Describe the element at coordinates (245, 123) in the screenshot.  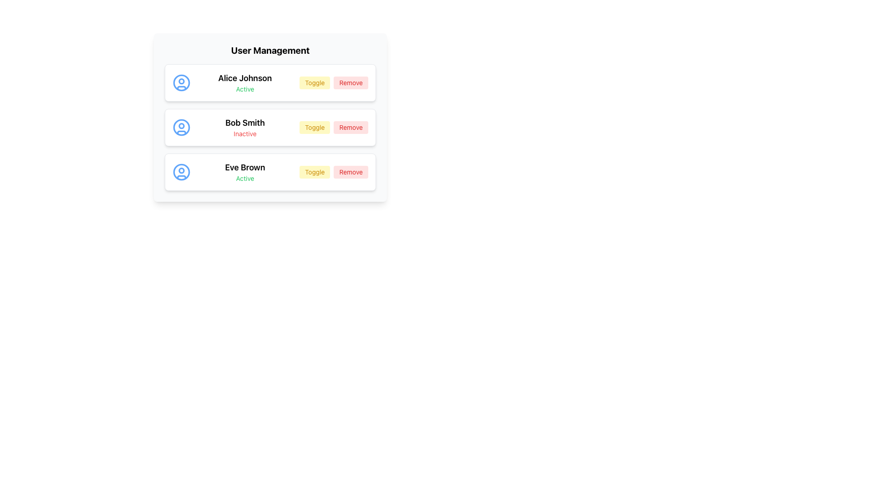
I see `the text label displaying the name 'Bob Smith' in bold and larger font at the center-top of the user detail card` at that location.